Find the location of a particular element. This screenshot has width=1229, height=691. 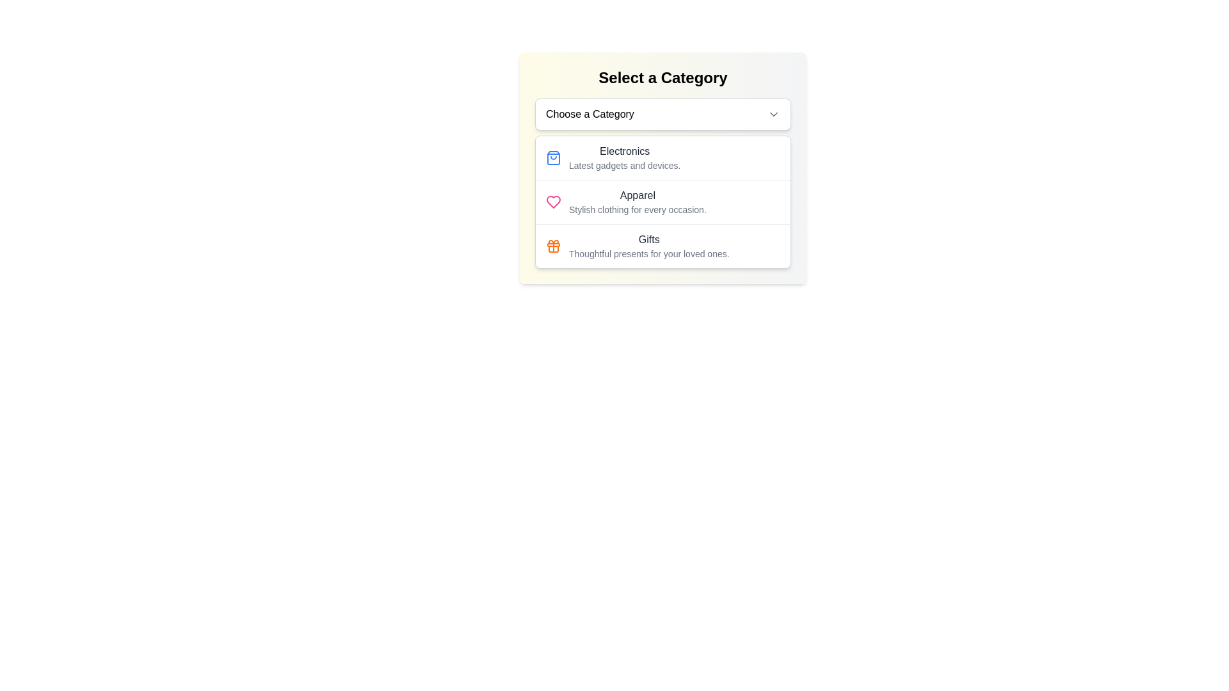

the orange-colored gift box icon that represents the 'Gifts' category in the menu options is located at coordinates (553, 246).